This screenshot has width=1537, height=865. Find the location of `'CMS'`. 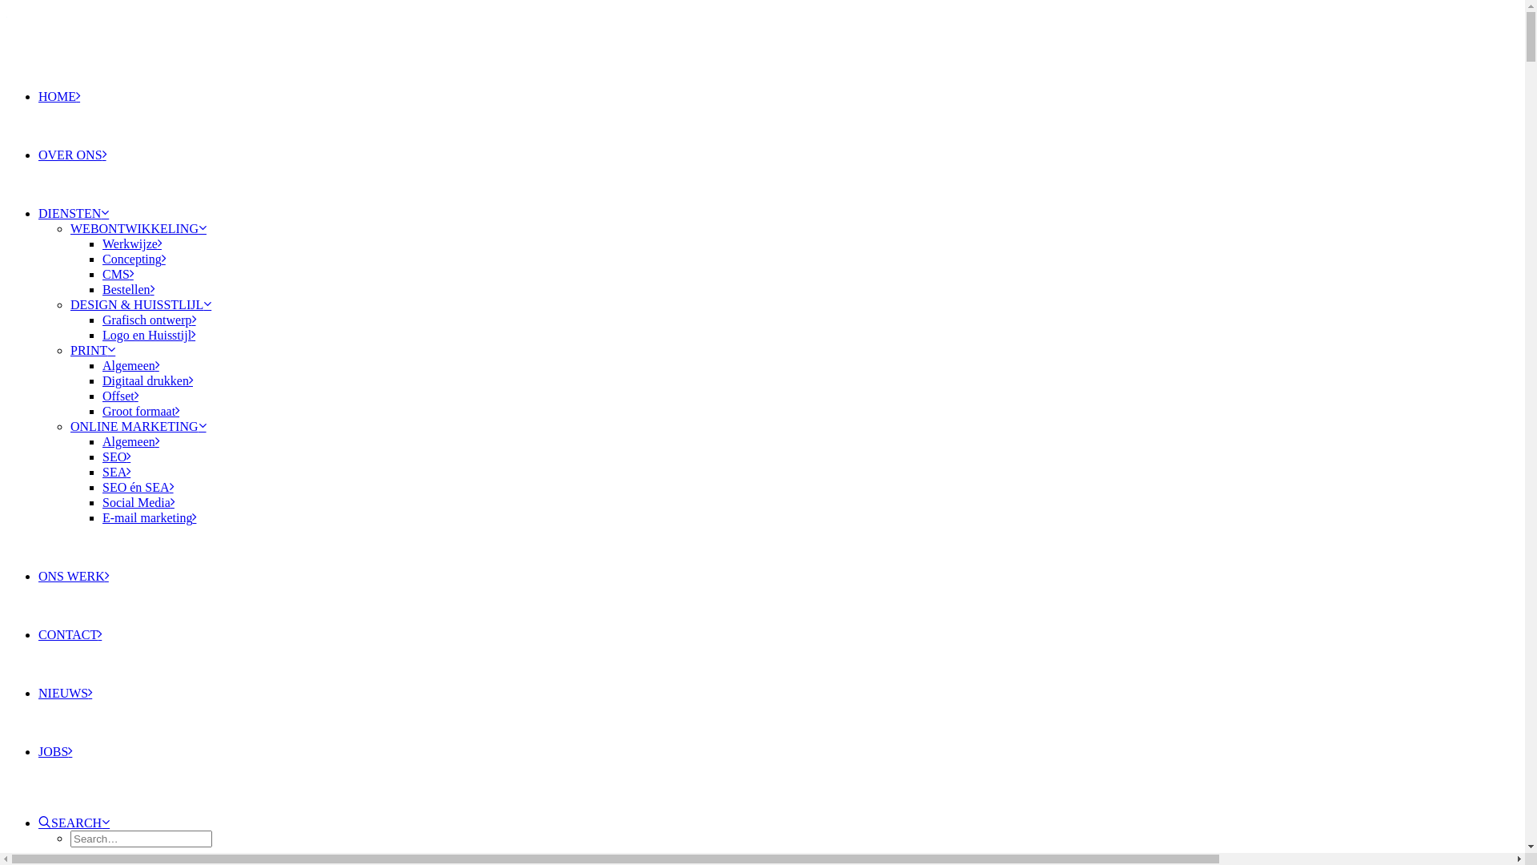

'CMS' is located at coordinates (117, 273).